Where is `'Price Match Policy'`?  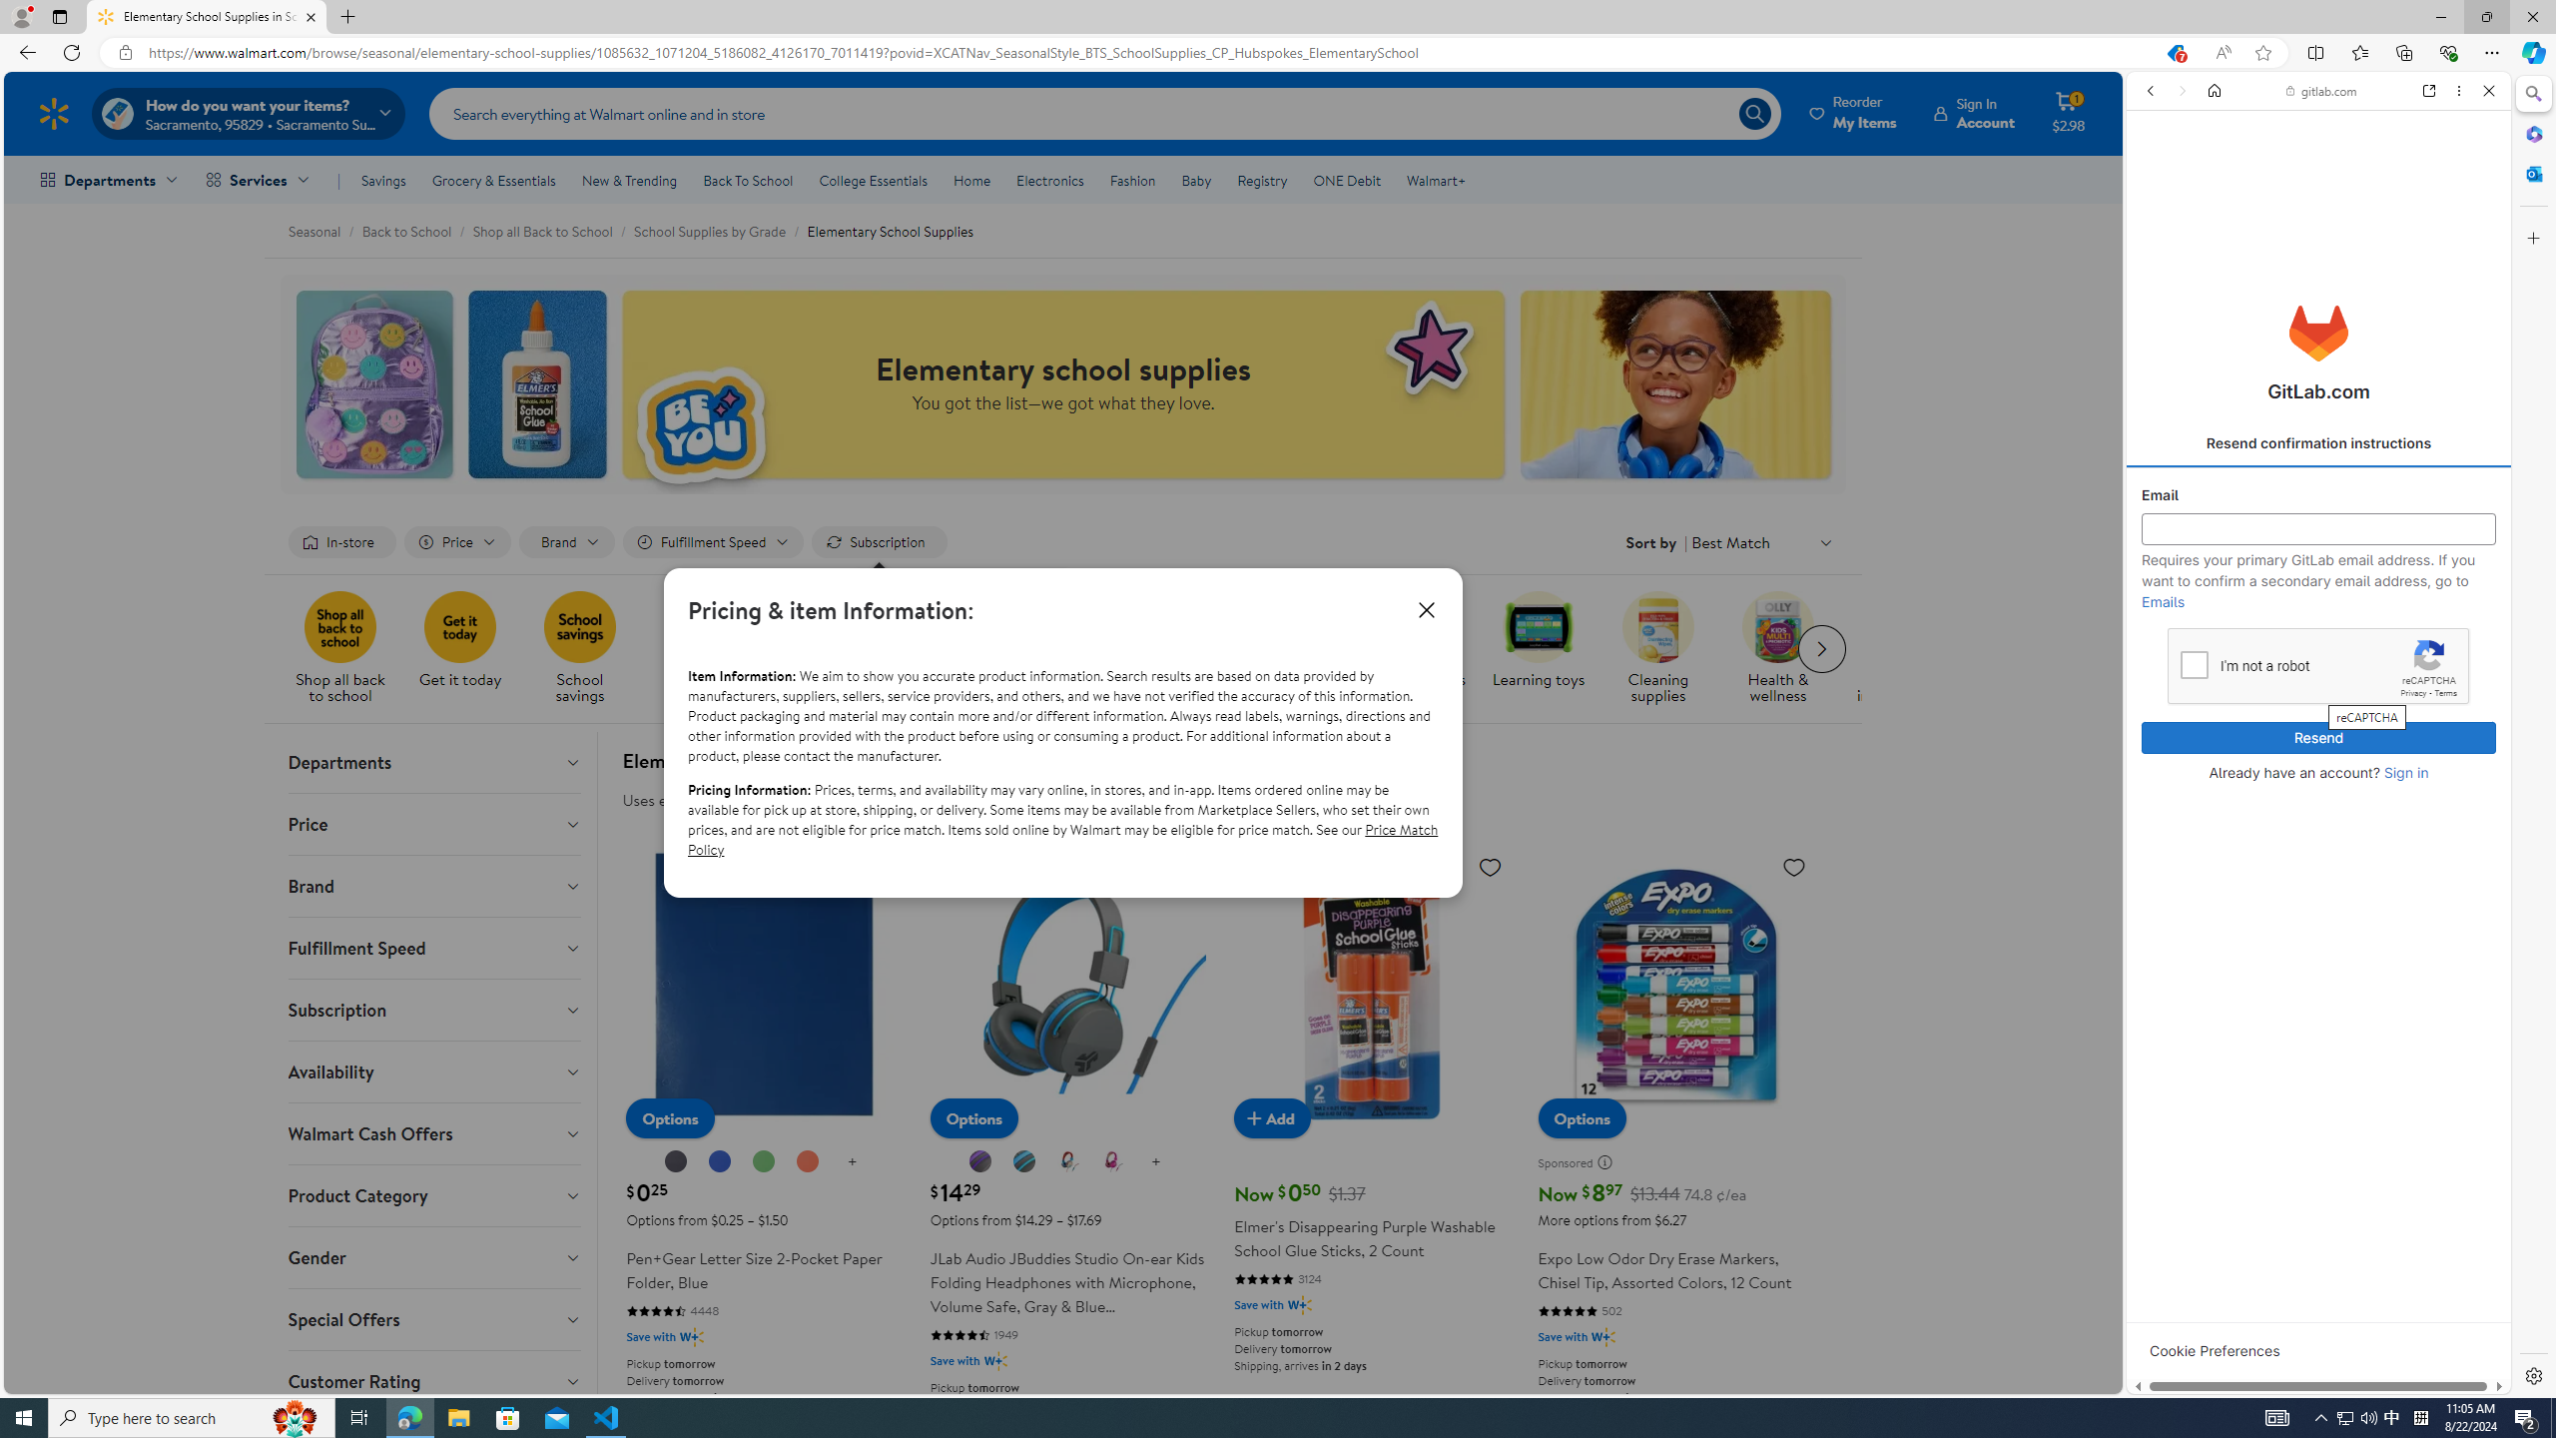 'Price Match Policy' is located at coordinates (1061, 838).